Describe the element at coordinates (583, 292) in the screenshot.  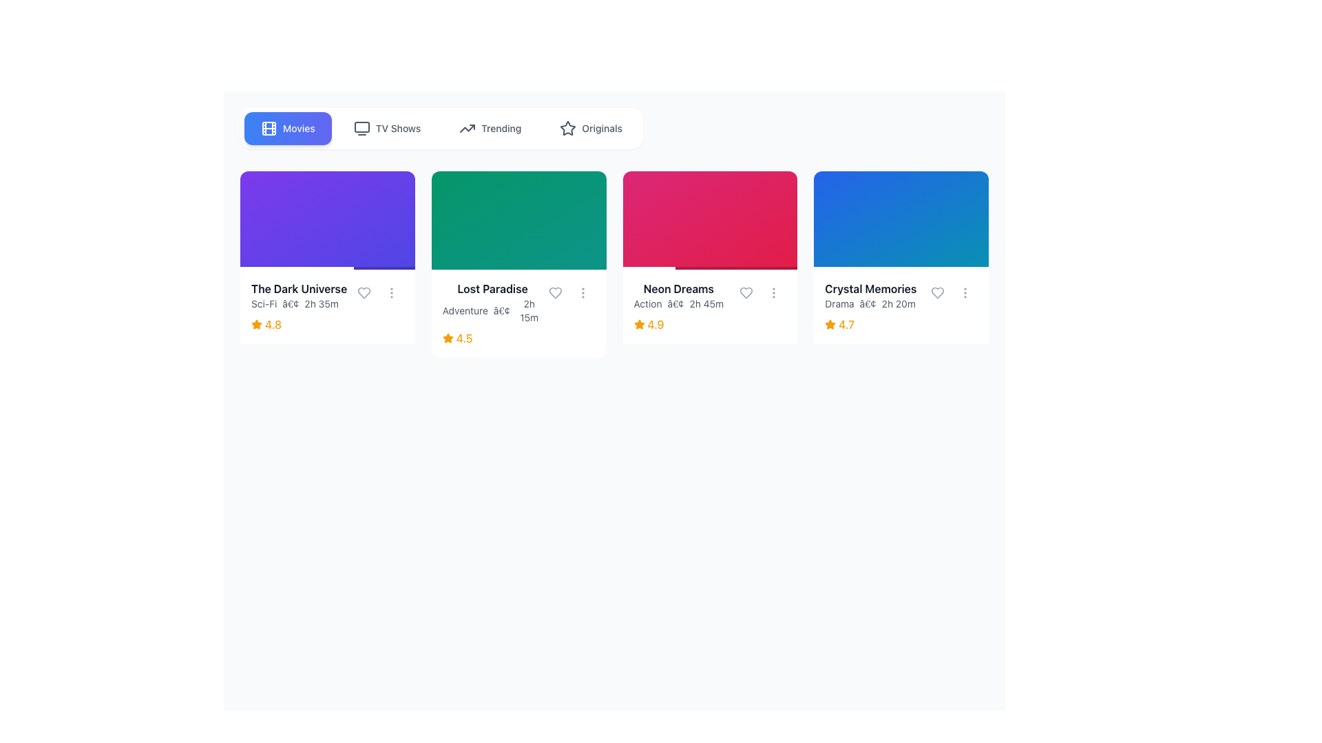
I see `the menu trigger button located in the top-right corner of the 'Lost Paradise' card` at that location.